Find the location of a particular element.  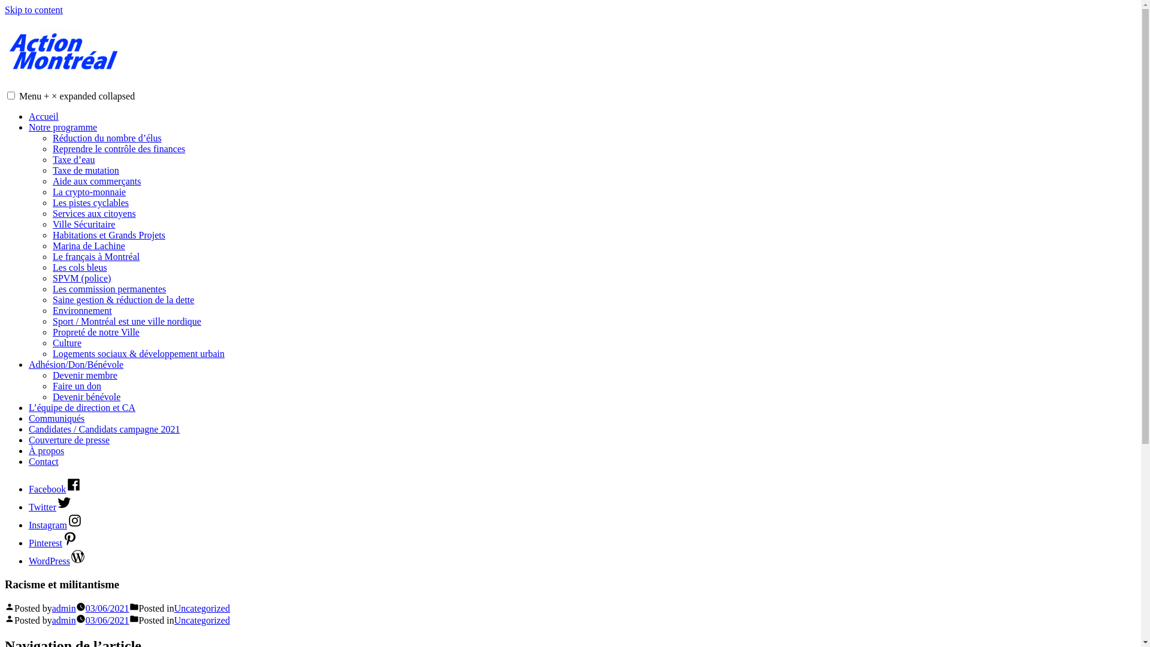

'03/06/2021' is located at coordinates (85, 620).